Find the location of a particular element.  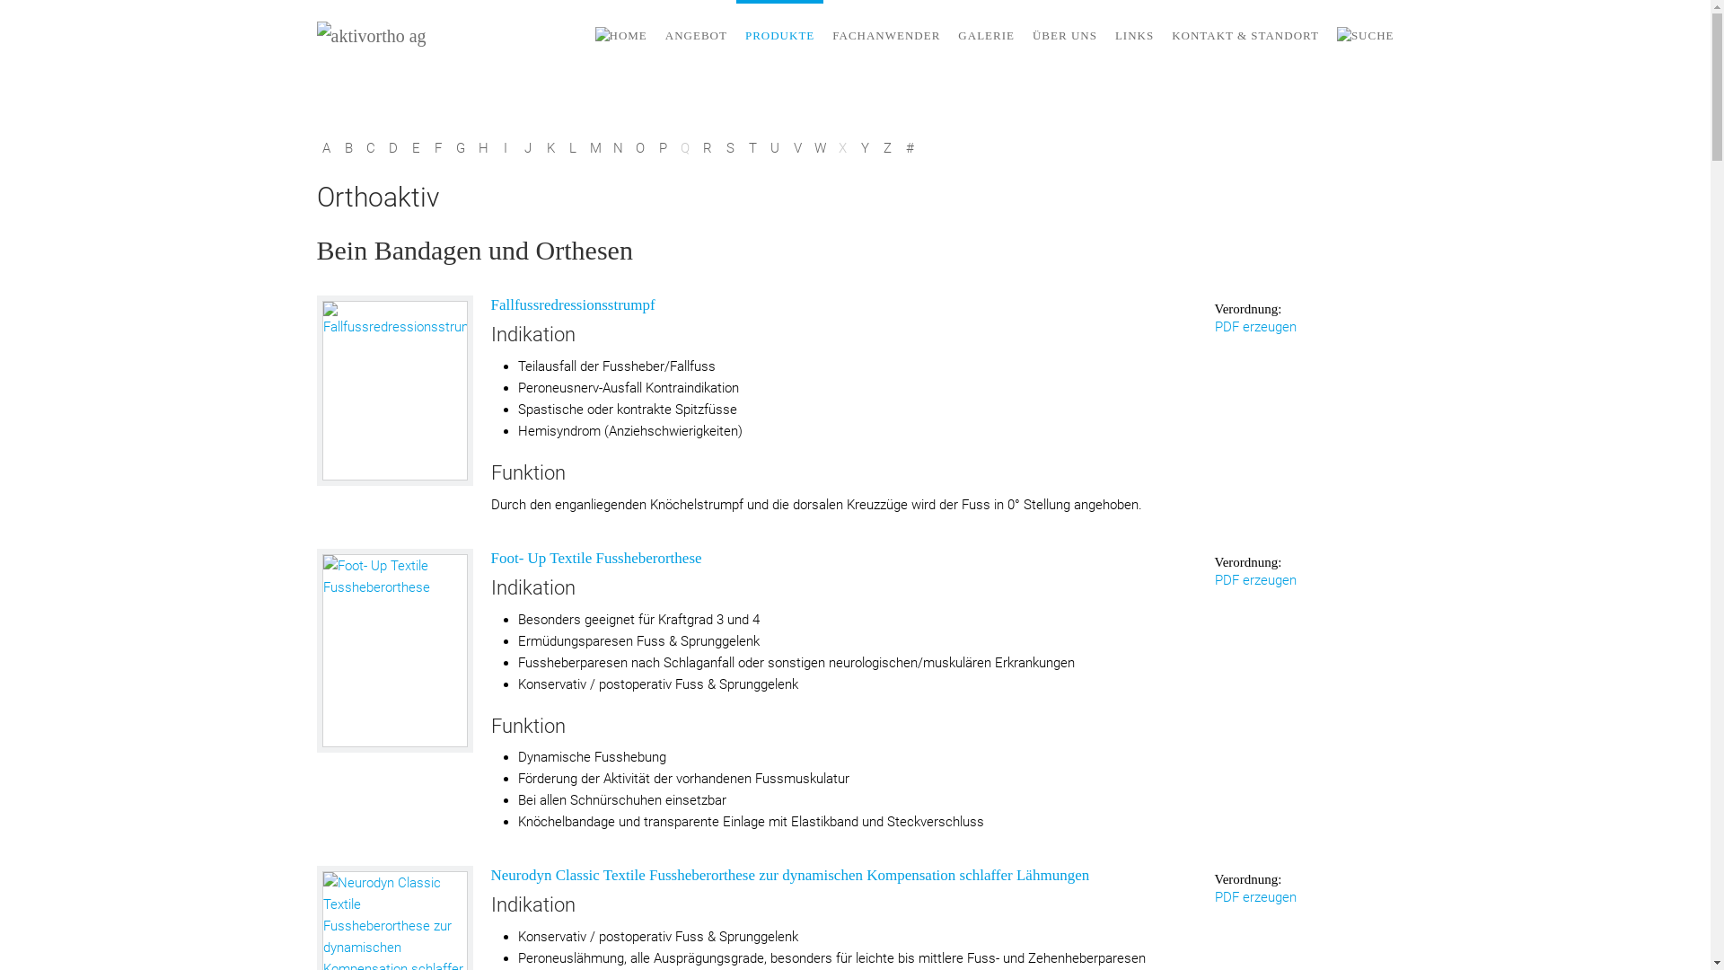

'A' is located at coordinates (325, 147).